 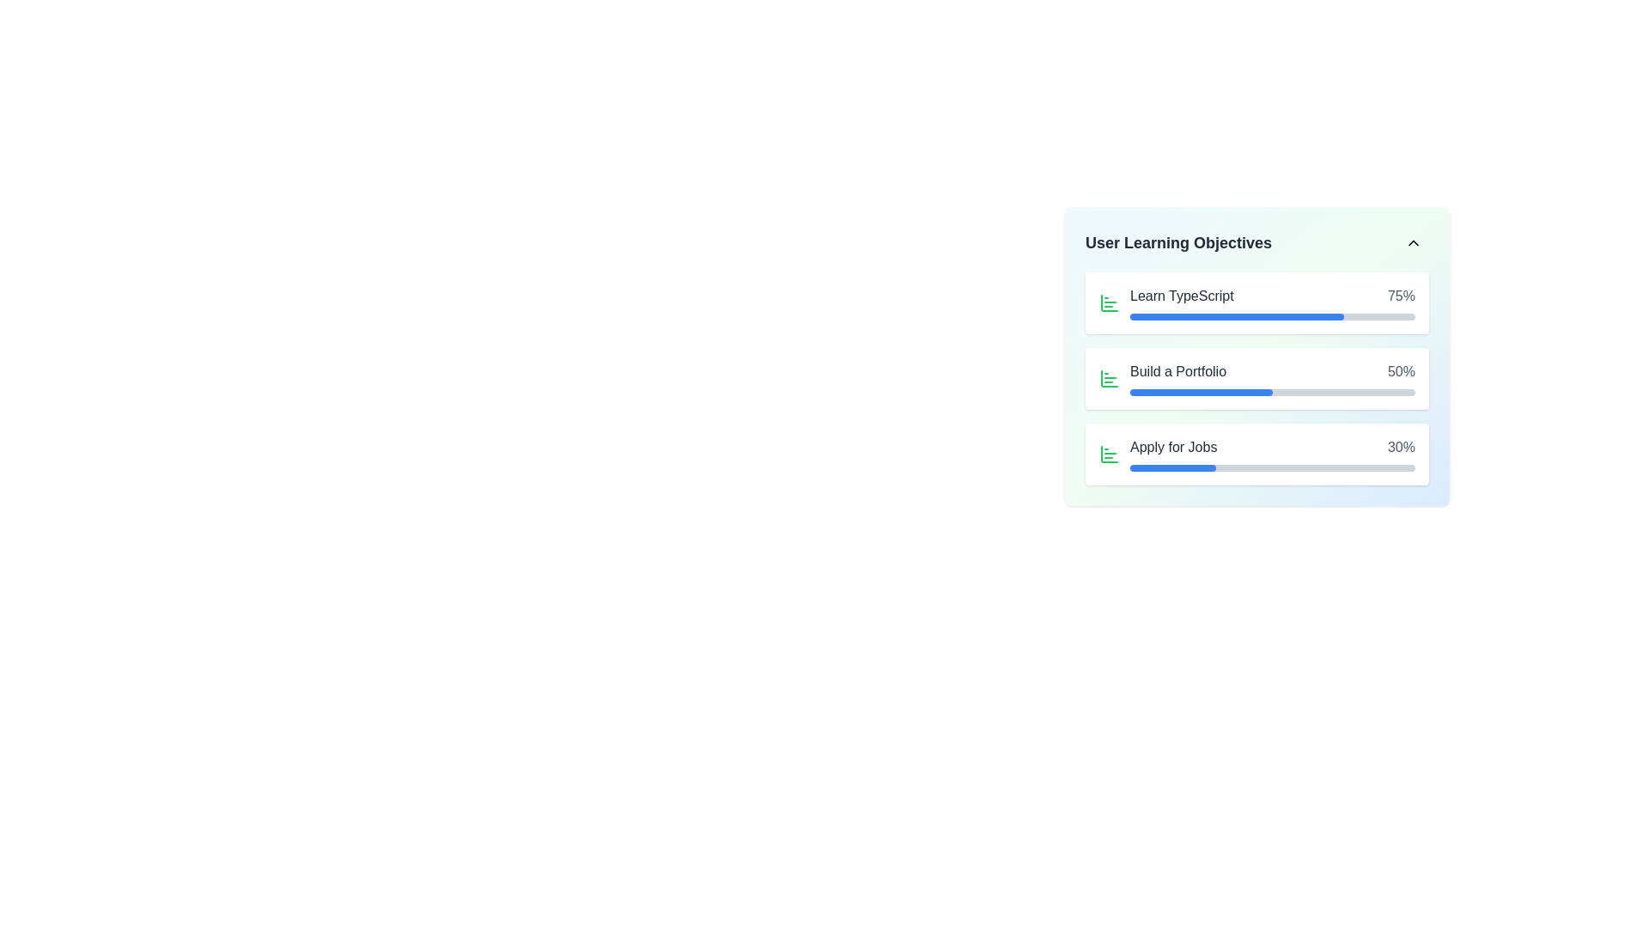 What do you see at coordinates (1109, 302) in the screenshot?
I see `the icon representing the learning objective 'Learn TypeScript', which is the first icon located to the left of the item's title and adjacent to the progress bar` at bounding box center [1109, 302].